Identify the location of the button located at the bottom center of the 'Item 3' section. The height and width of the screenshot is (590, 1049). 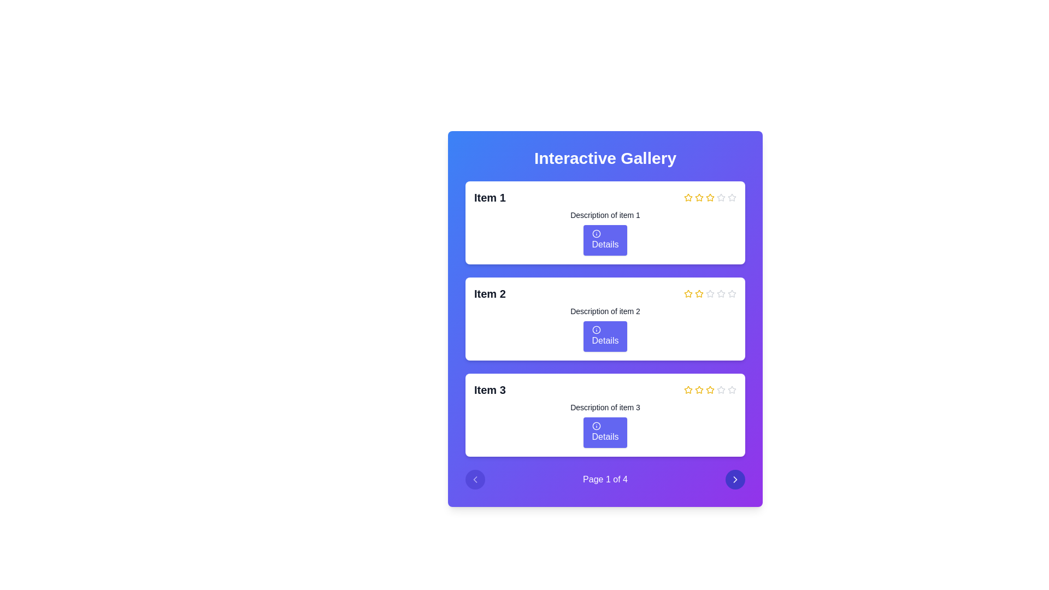
(605, 432).